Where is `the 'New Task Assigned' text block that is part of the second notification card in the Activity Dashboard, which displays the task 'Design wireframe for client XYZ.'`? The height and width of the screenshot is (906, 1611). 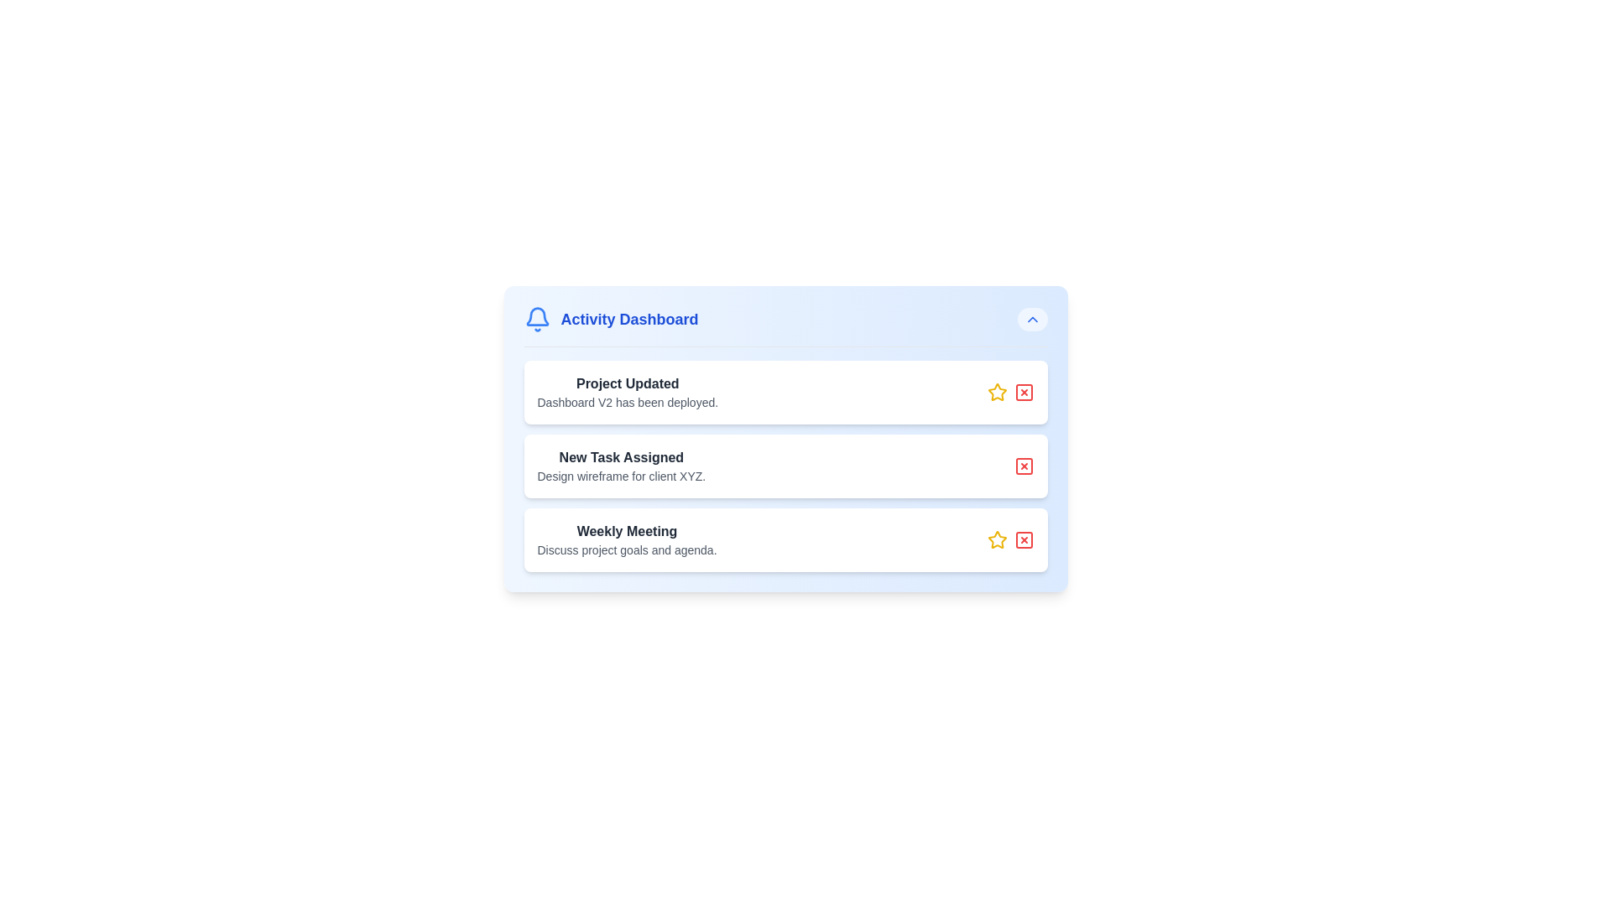
the 'New Task Assigned' text block that is part of the second notification card in the Activity Dashboard, which displays the task 'Design wireframe for client XYZ.' is located at coordinates (620, 466).